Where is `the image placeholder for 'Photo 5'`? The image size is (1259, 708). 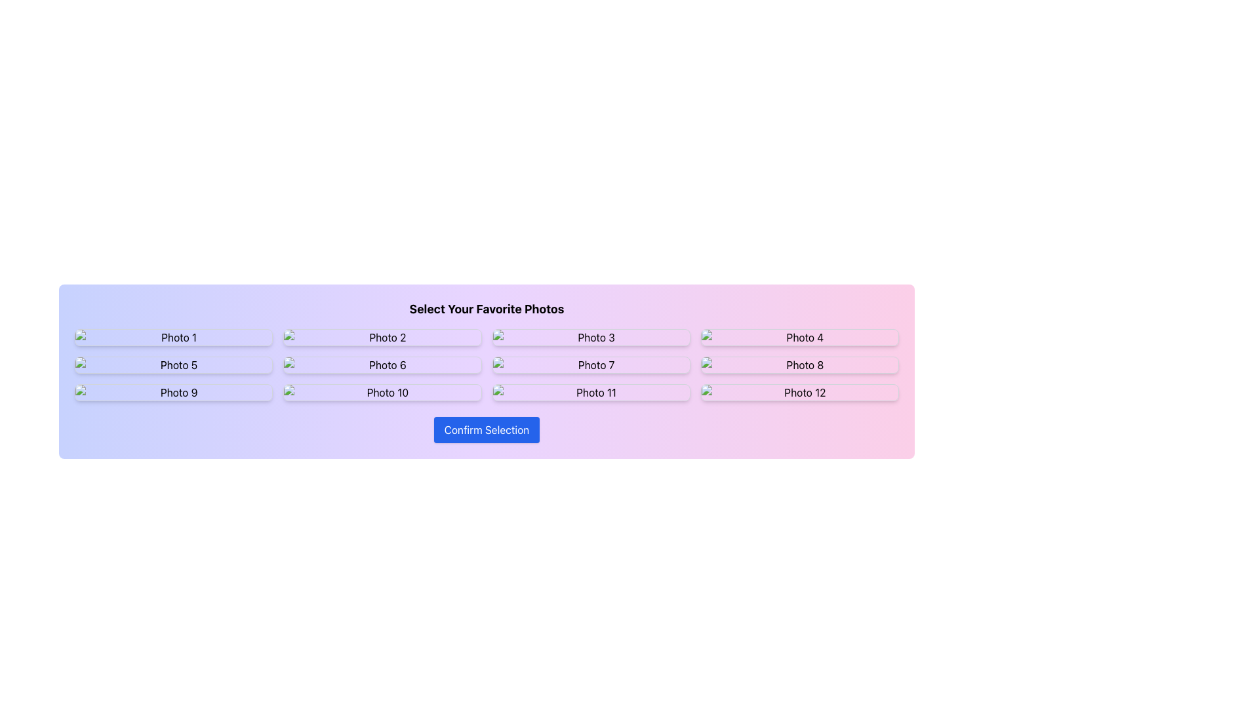
the image placeholder for 'Photo 5' is located at coordinates (173, 364).